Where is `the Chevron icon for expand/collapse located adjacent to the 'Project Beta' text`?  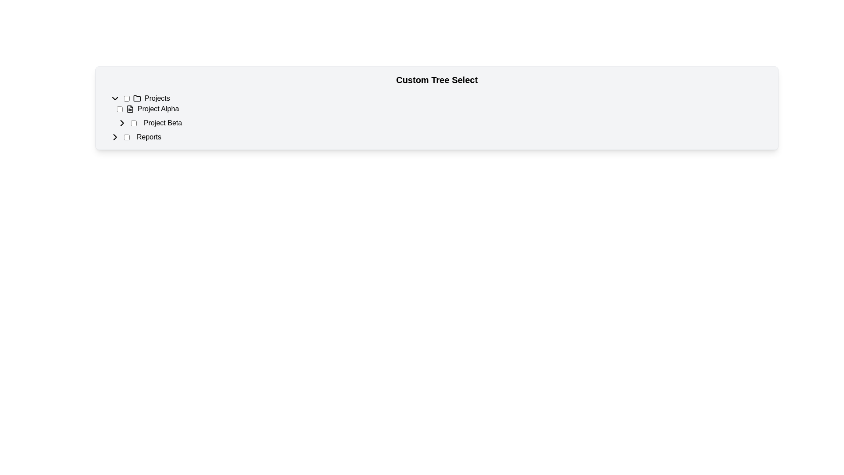 the Chevron icon for expand/collapse located adjacent to the 'Project Beta' text is located at coordinates (122, 123).